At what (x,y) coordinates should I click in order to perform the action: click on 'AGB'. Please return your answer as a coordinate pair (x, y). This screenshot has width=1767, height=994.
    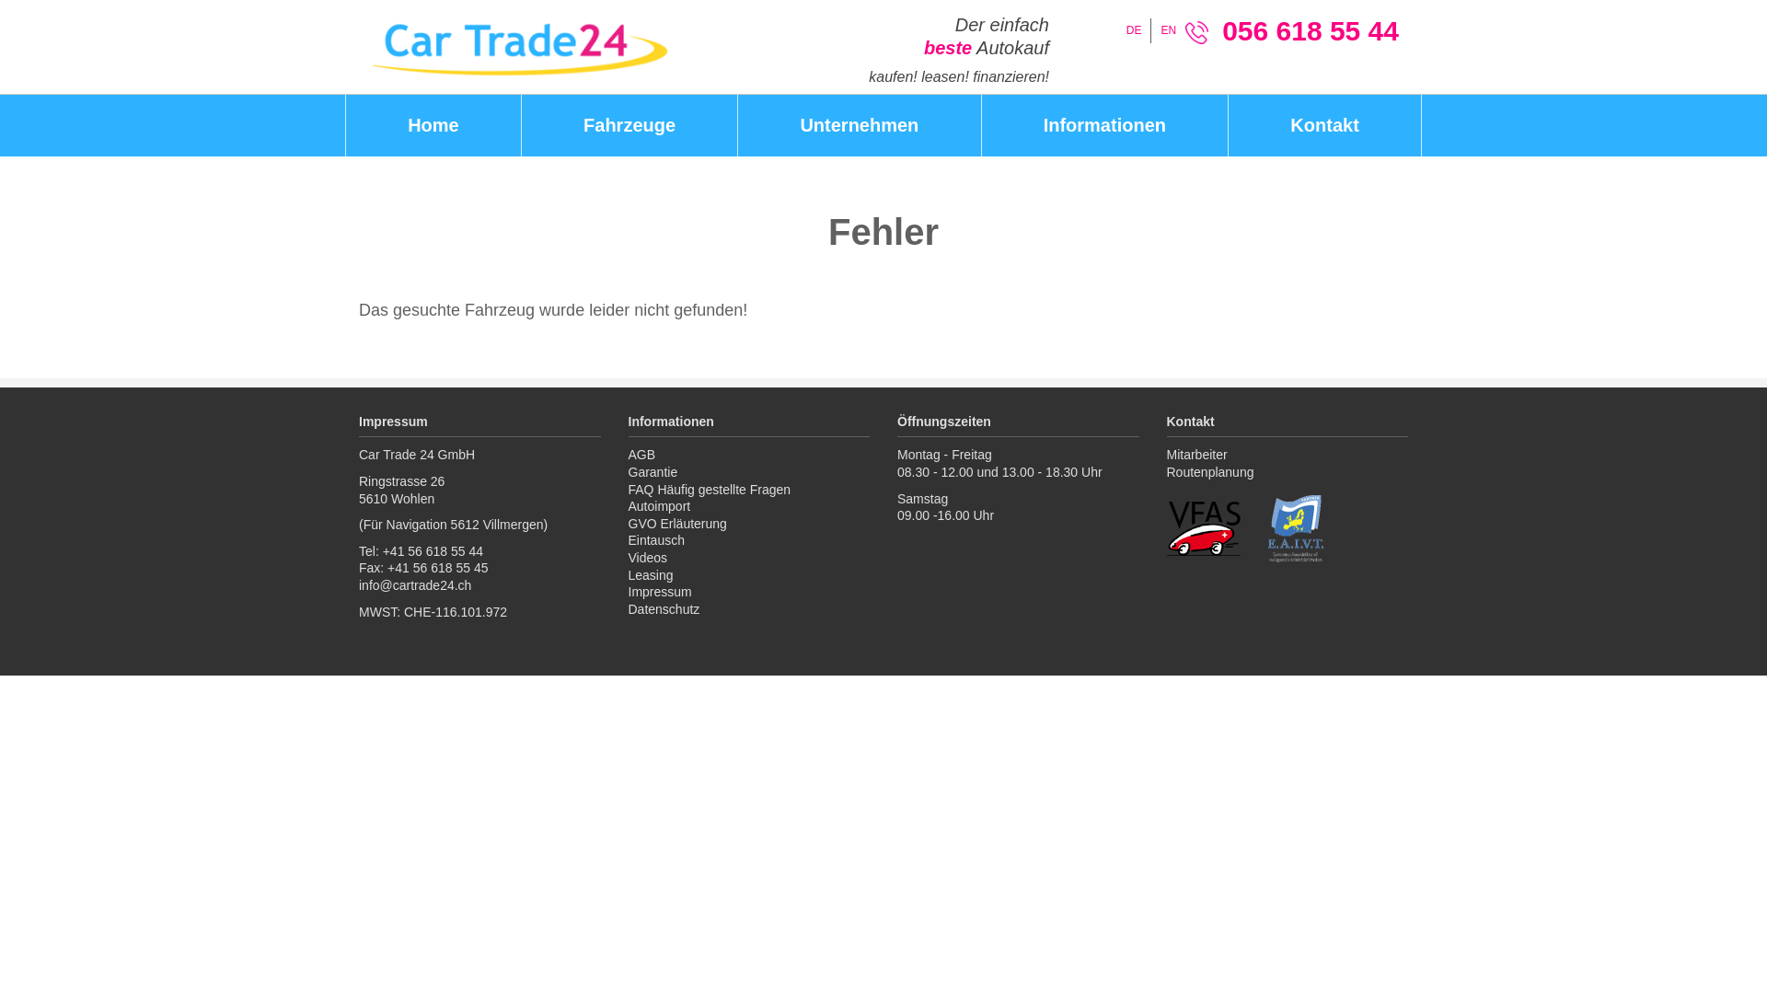
    Looking at the image, I should click on (627, 455).